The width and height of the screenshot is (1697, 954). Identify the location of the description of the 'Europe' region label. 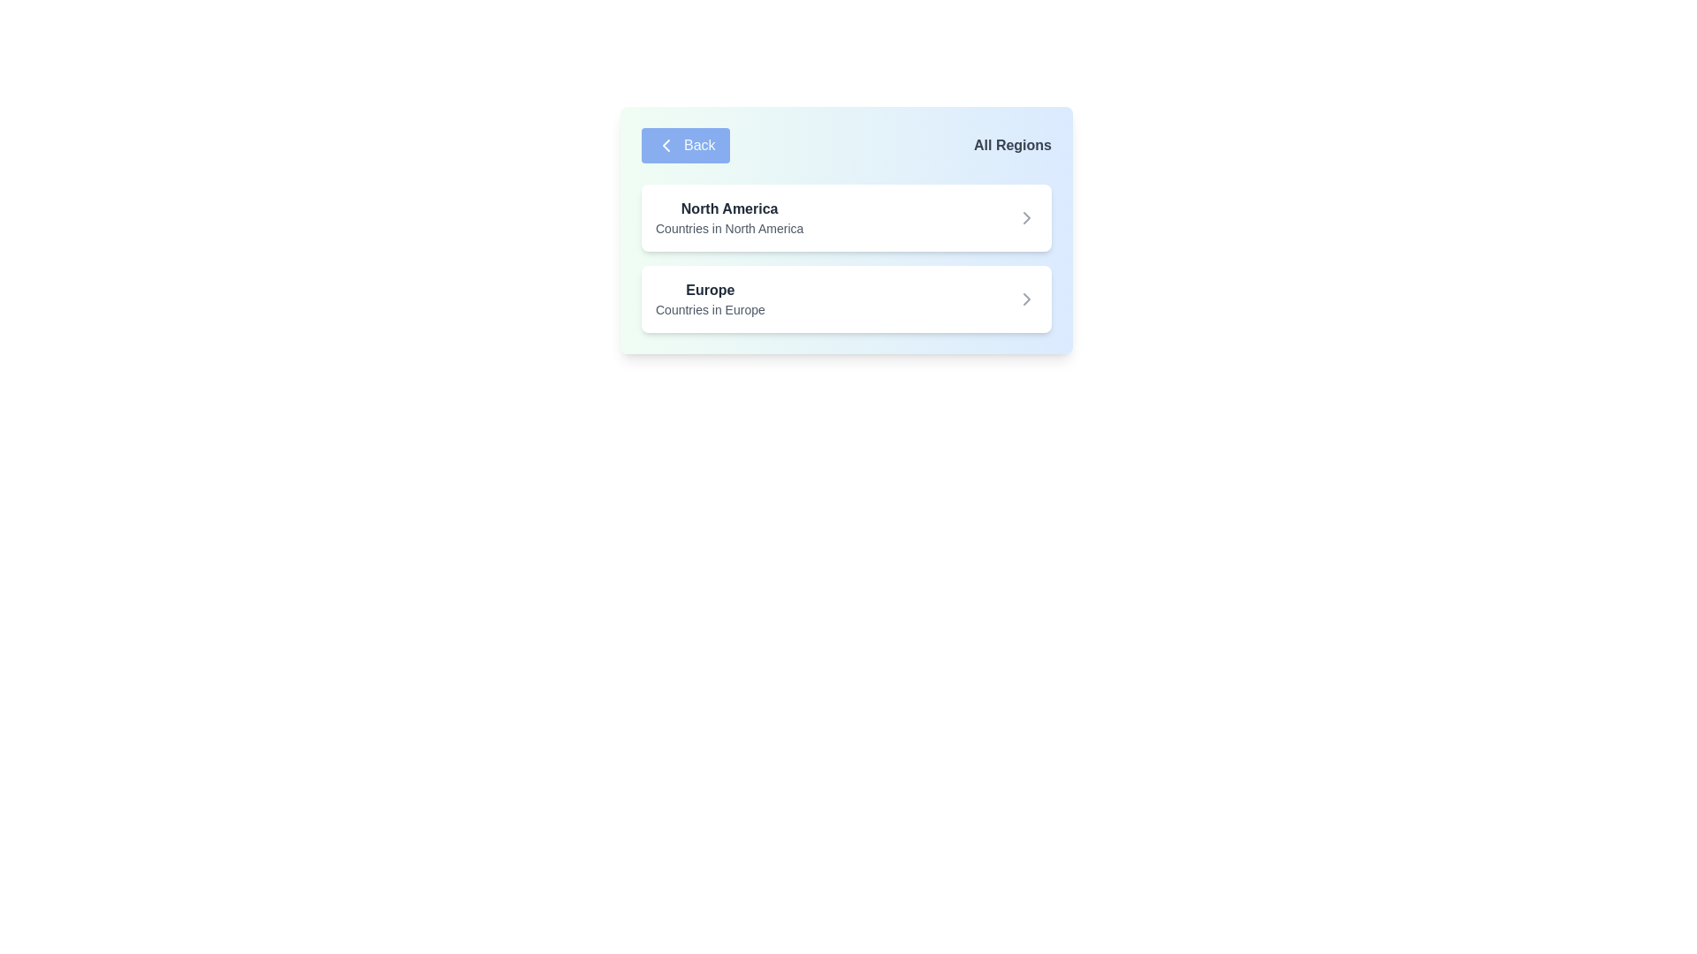
(710, 299).